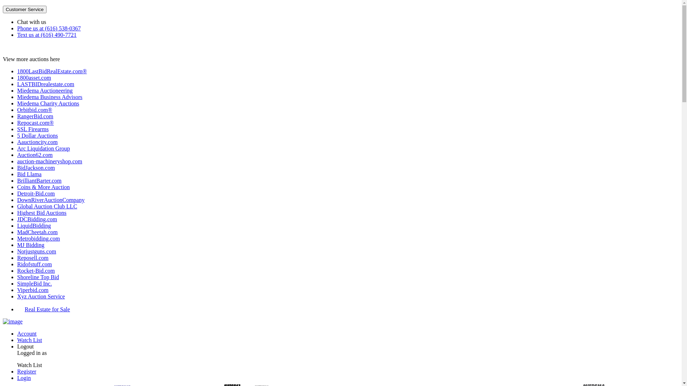 The height and width of the screenshot is (386, 687). What do you see at coordinates (32, 129) in the screenshot?
I see `'SSL Firearms'` at bounding box center [32, 129].